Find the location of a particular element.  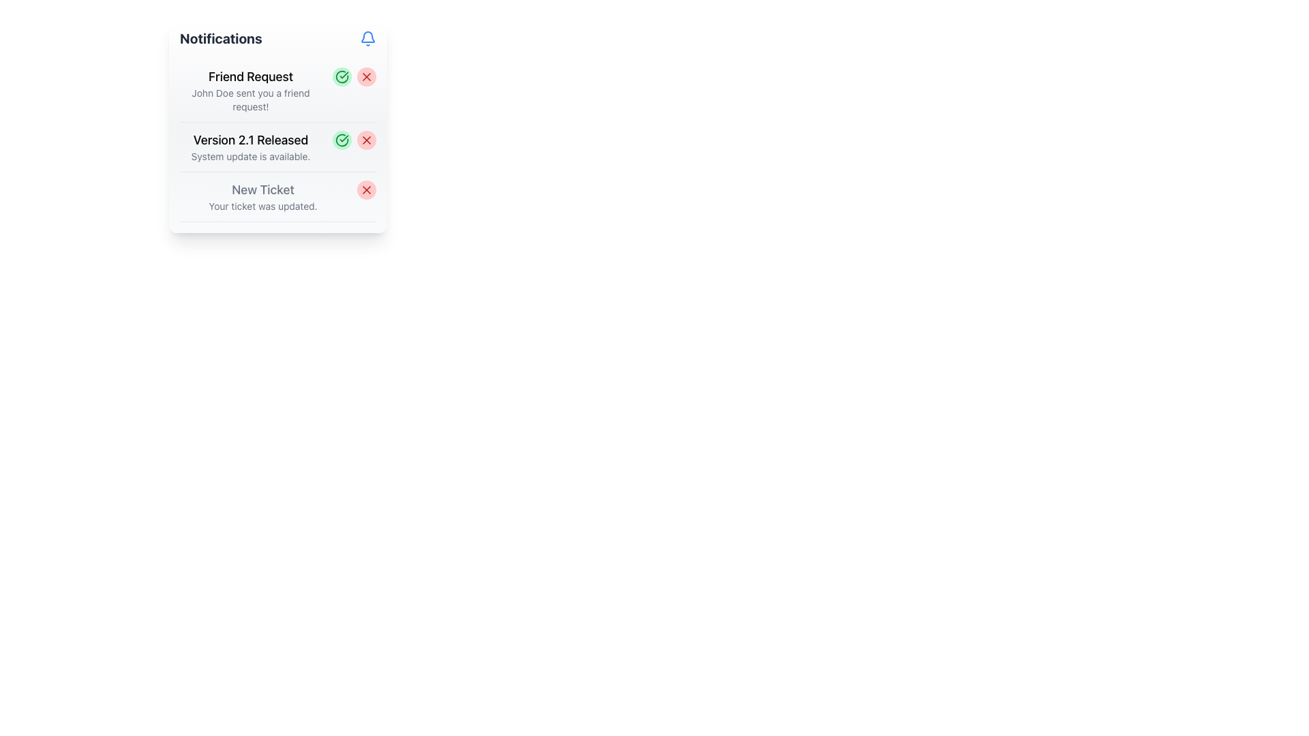

the notification section that displays 'Friend Request' and the message 'John Doe sent you a friend request!'. This section is the first notification within the Notifications list is located at coordinates (251, 90).